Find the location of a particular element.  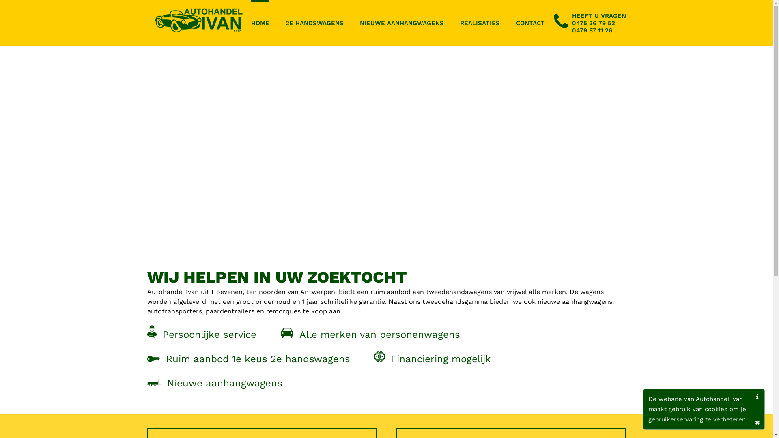

'0475 36 79 52' is located at coordinates (594, 23).